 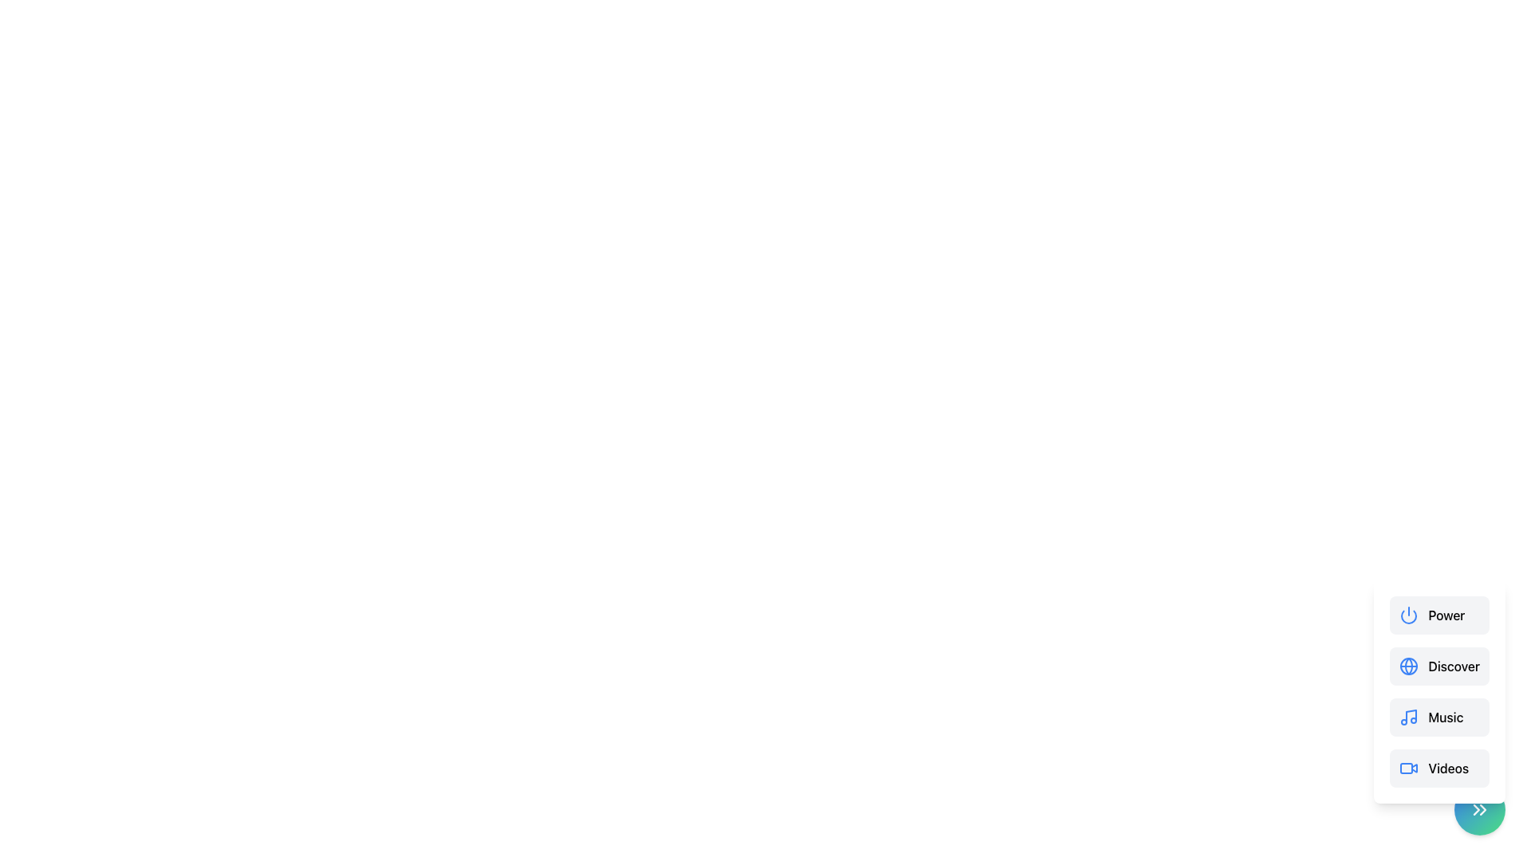 What do you see at coordinates (1409, 768) in the screenshot?
I see `the Videos icon located at the bottom of the vertical stack of action buttons on the right side of the interface` at bounding box center [1409, 768].